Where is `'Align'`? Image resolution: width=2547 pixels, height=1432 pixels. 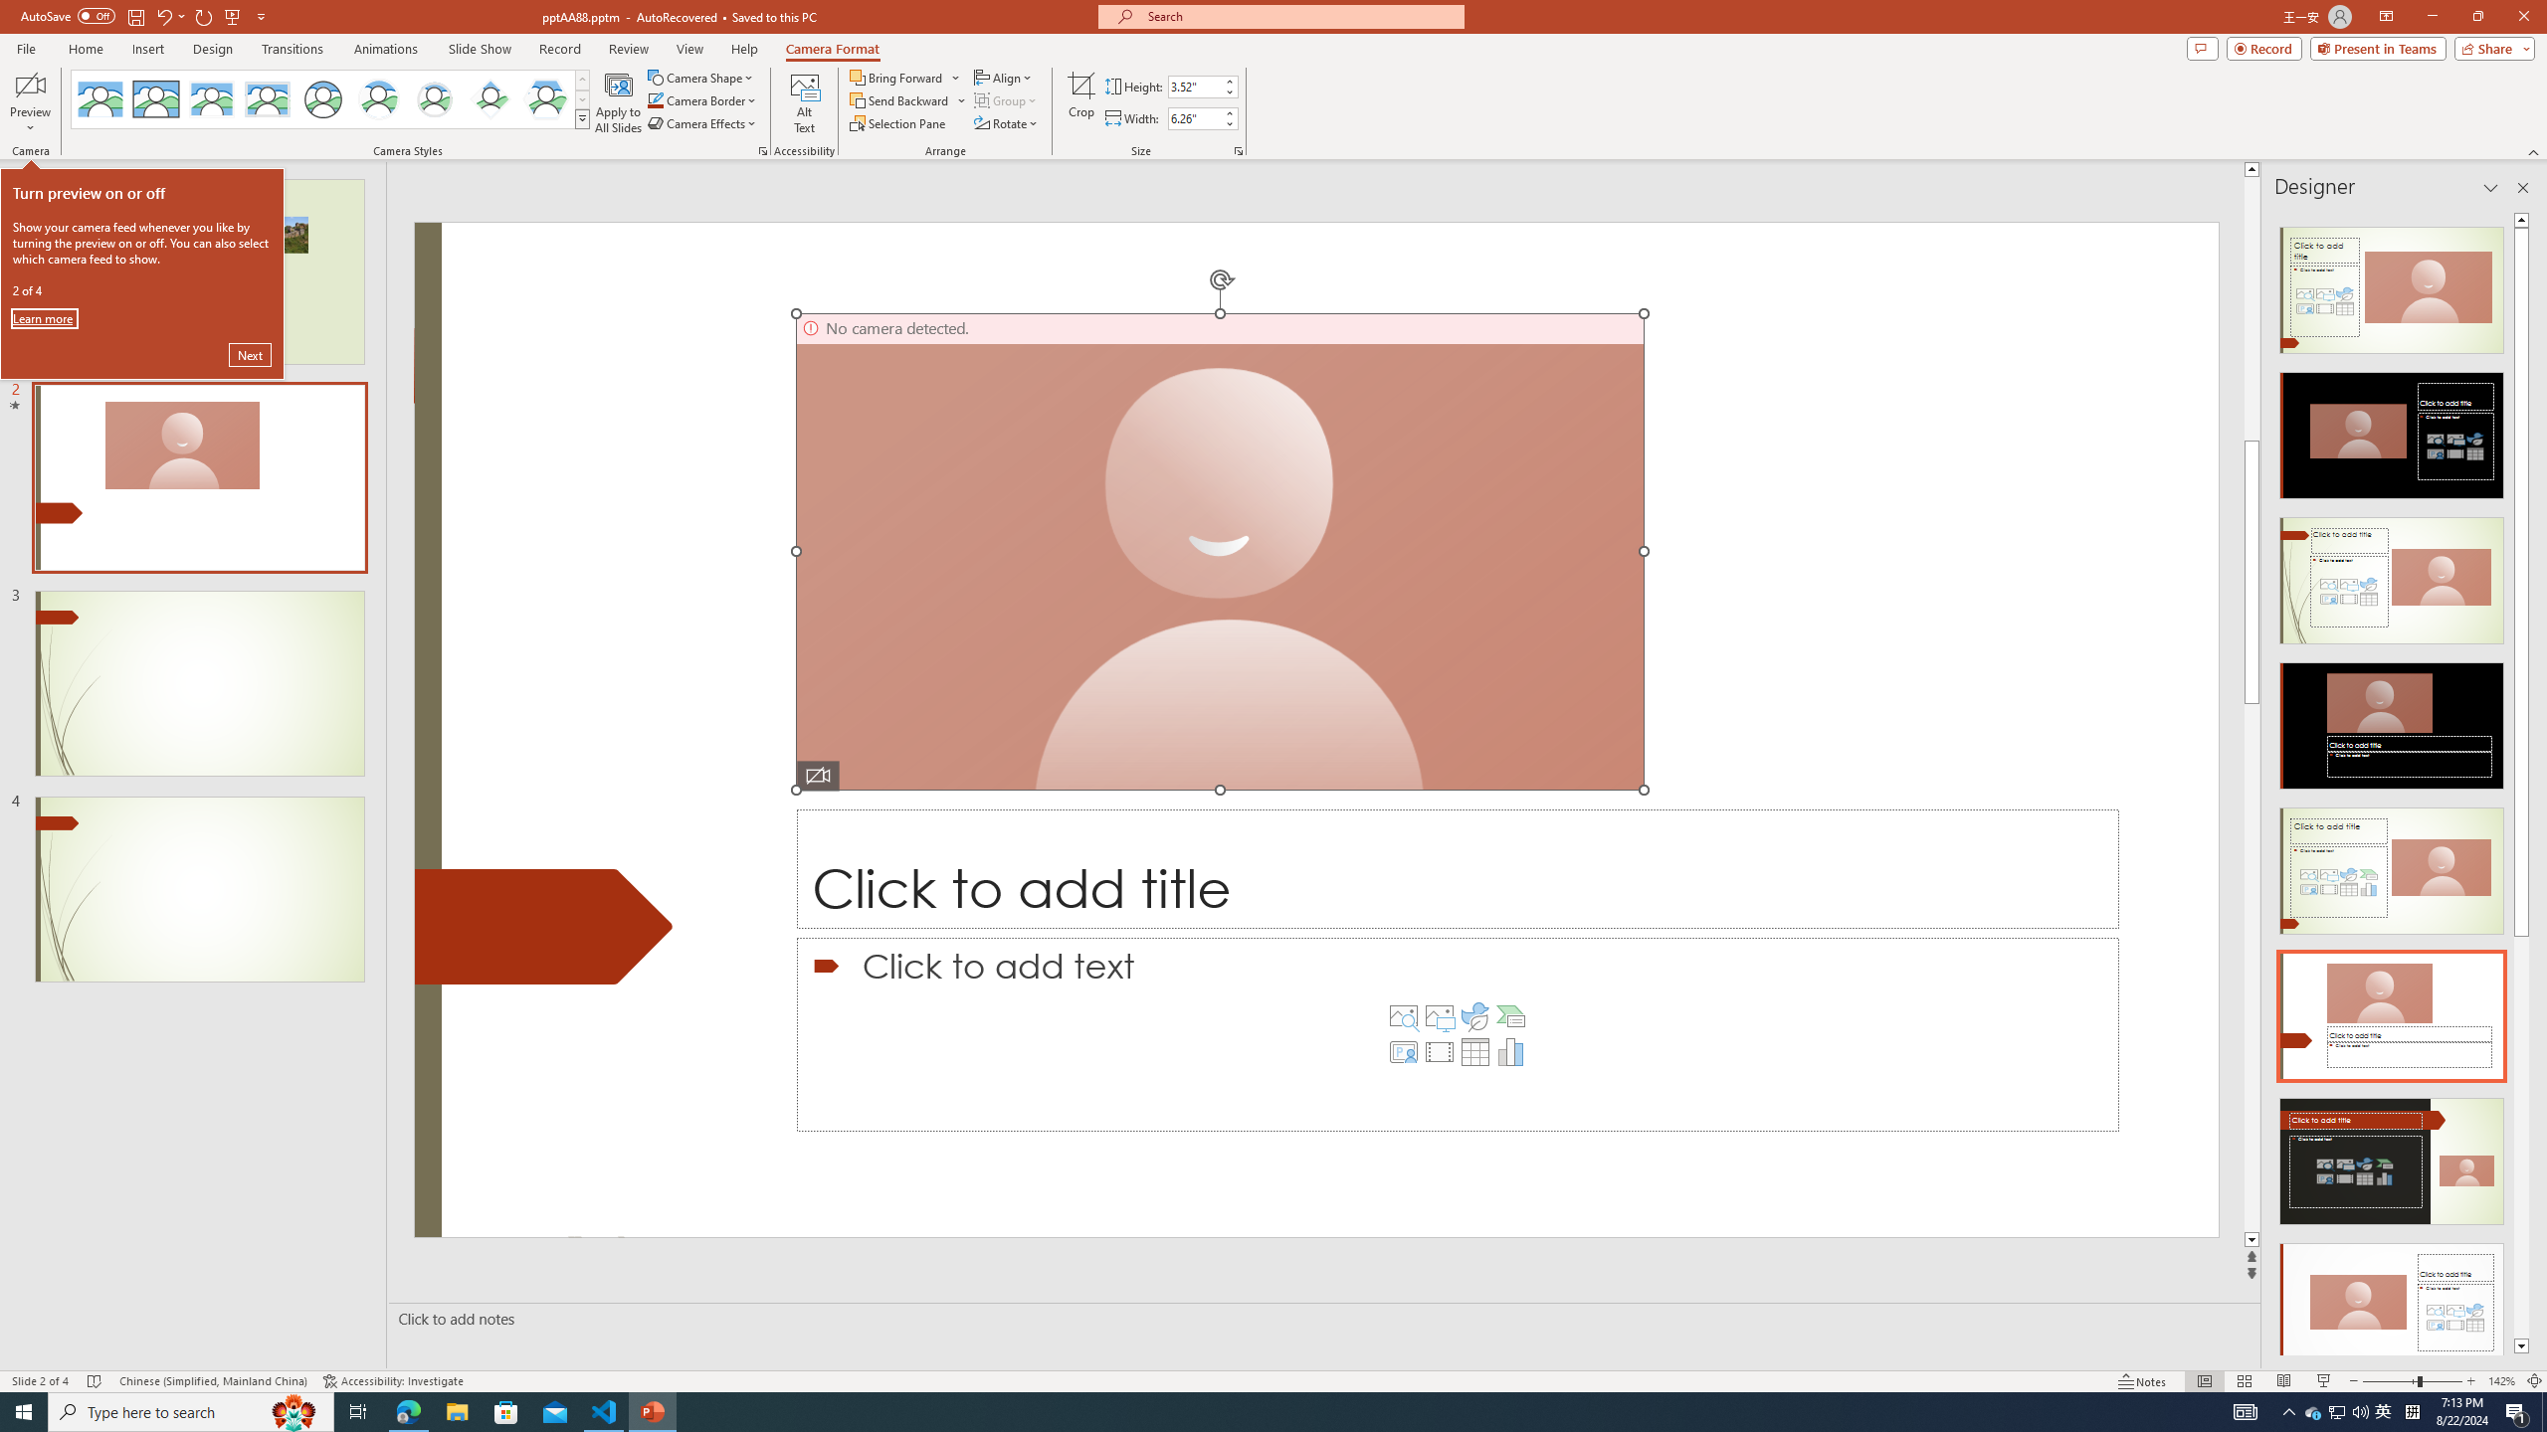
'Align' is located at coordinates (1003, 77).